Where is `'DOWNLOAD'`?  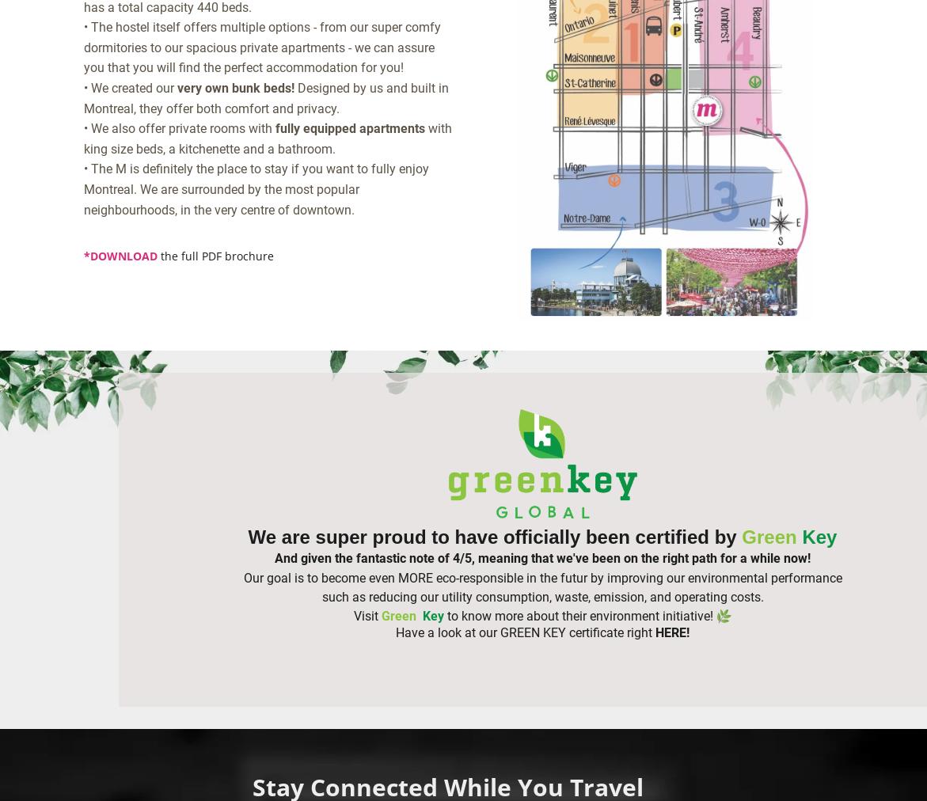
'DOWNLOAD' is located at coordinates (122, 255).